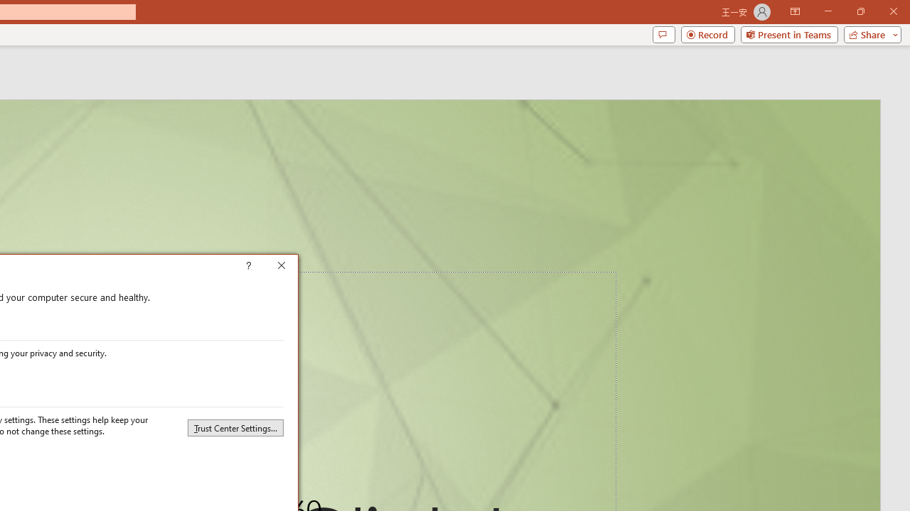  Describe the element at coordinates (269, 267) in the screenshot. I see `'Context help'` at that location.